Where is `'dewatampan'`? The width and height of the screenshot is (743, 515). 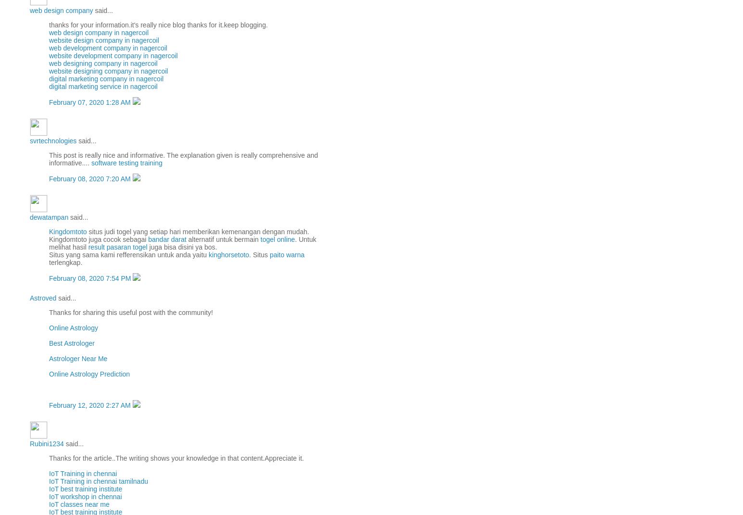 'dewatampan' is located at coordinates (48, 216).